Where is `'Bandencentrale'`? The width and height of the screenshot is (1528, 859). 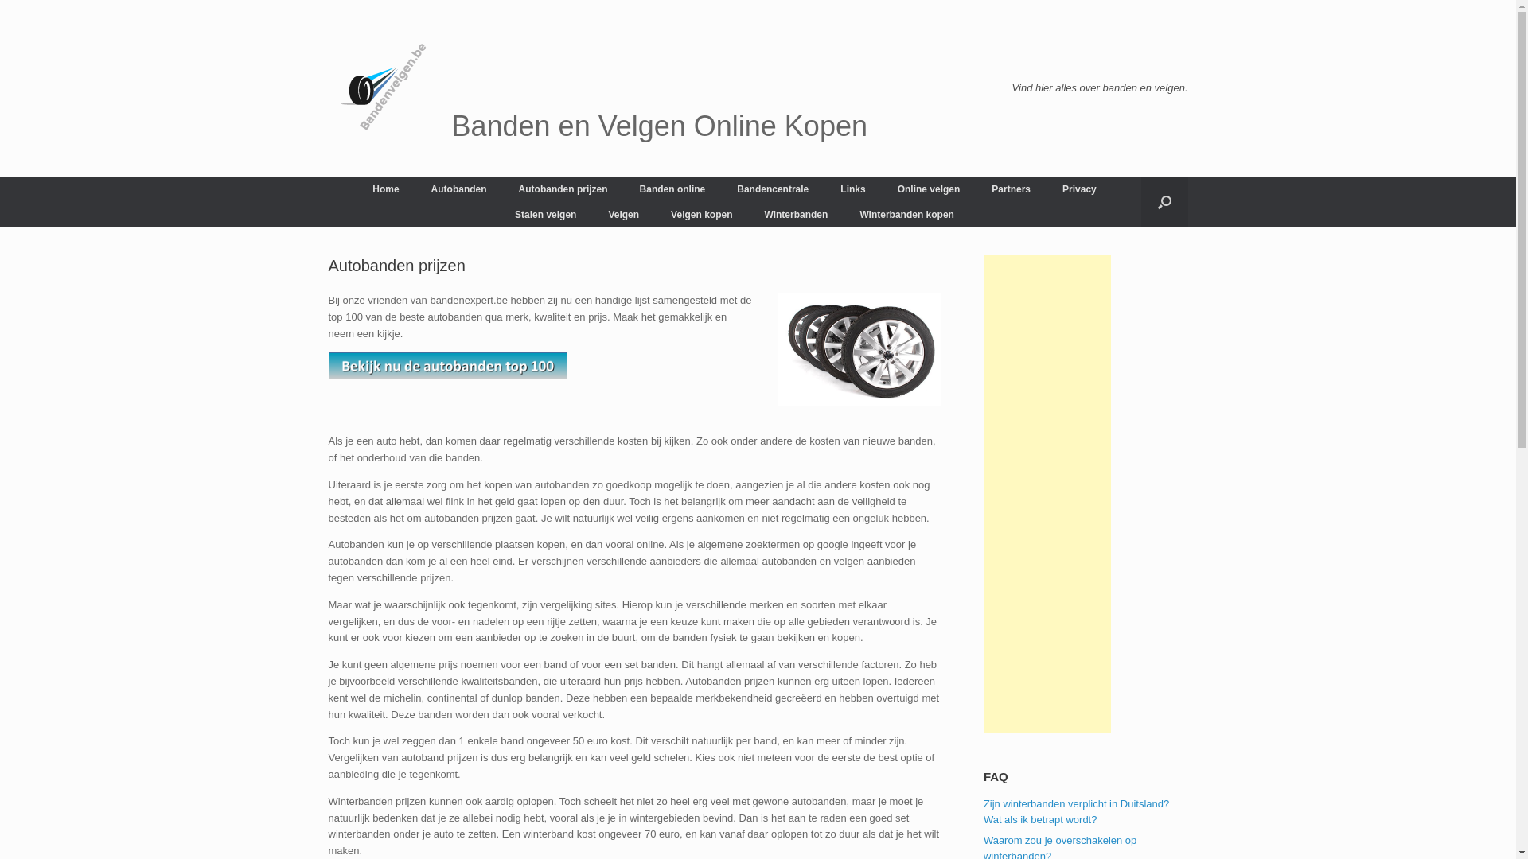
'Bandencentrale' is located at coordinates (772, 189).